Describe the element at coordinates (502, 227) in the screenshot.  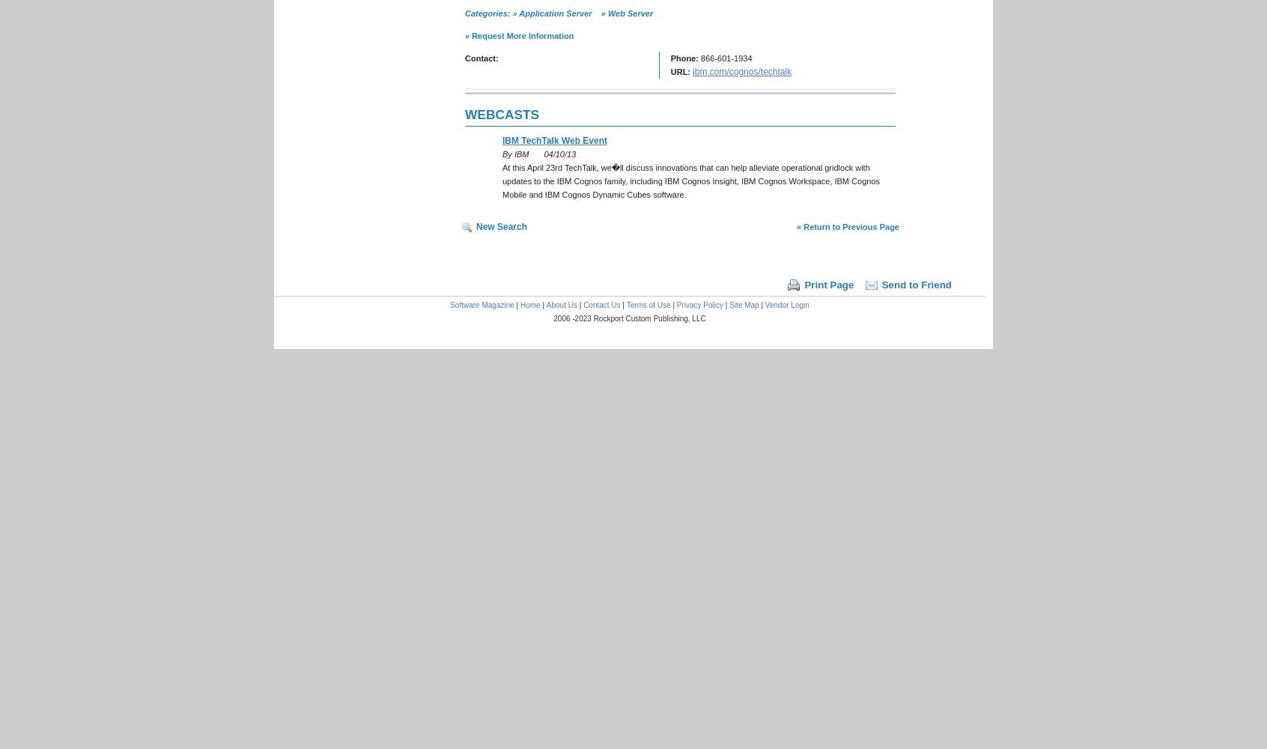
I see `'New Search'` at that location.